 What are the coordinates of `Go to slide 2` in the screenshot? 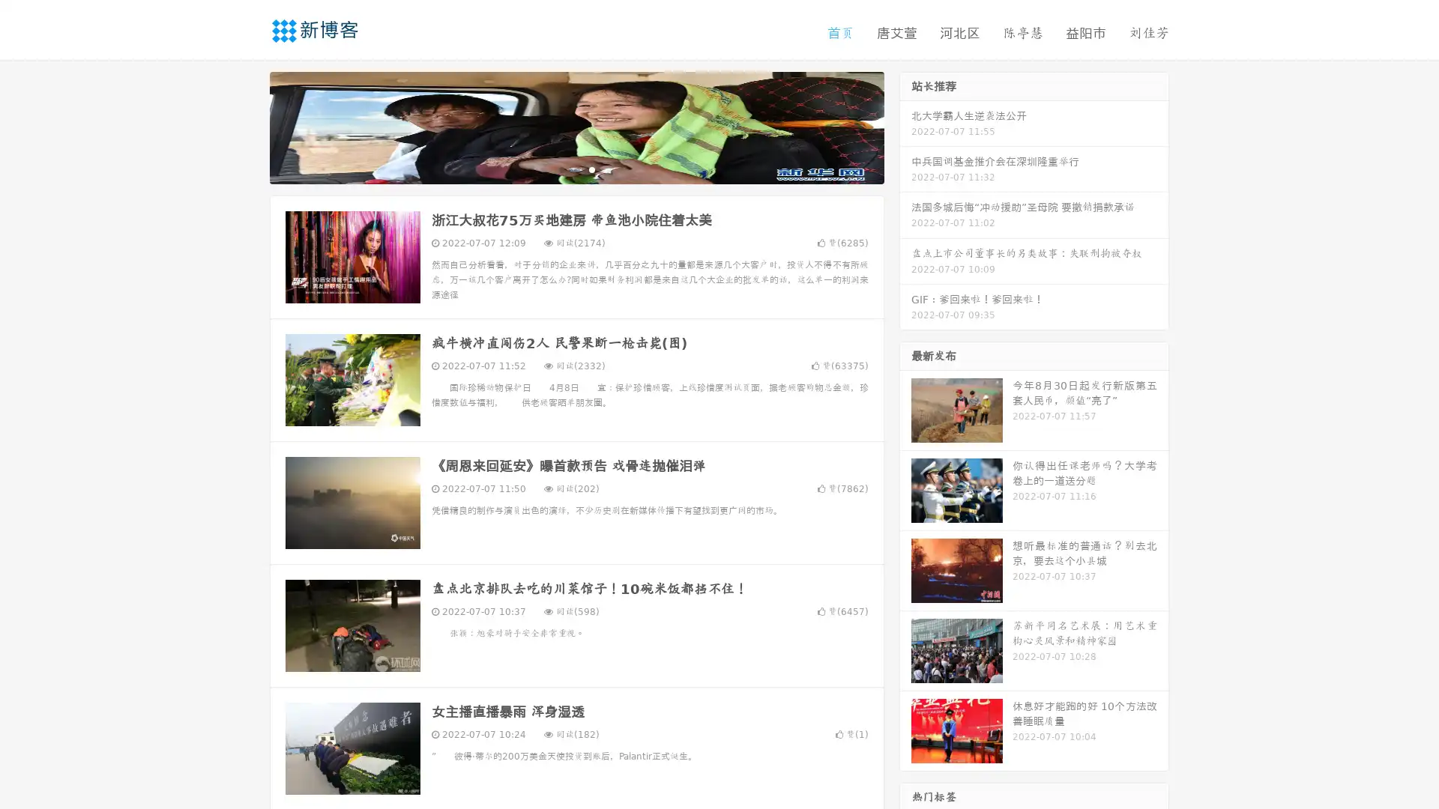 It's located at (576, 169).